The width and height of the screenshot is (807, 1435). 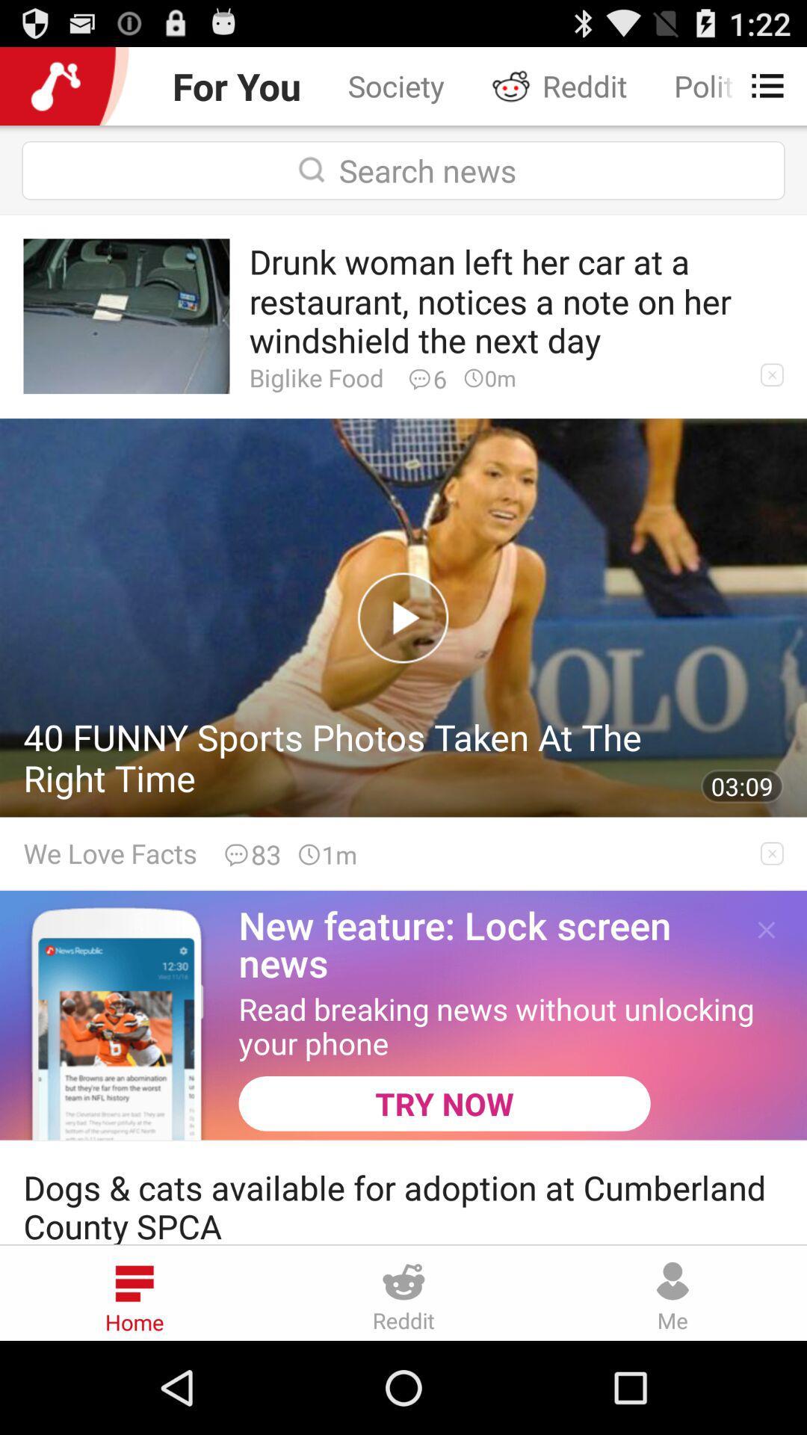 What do you see at coordinates (444, 1103) in the screenshot?
I see `the app below the read breaking news item` at bounding box center [444, 1103].